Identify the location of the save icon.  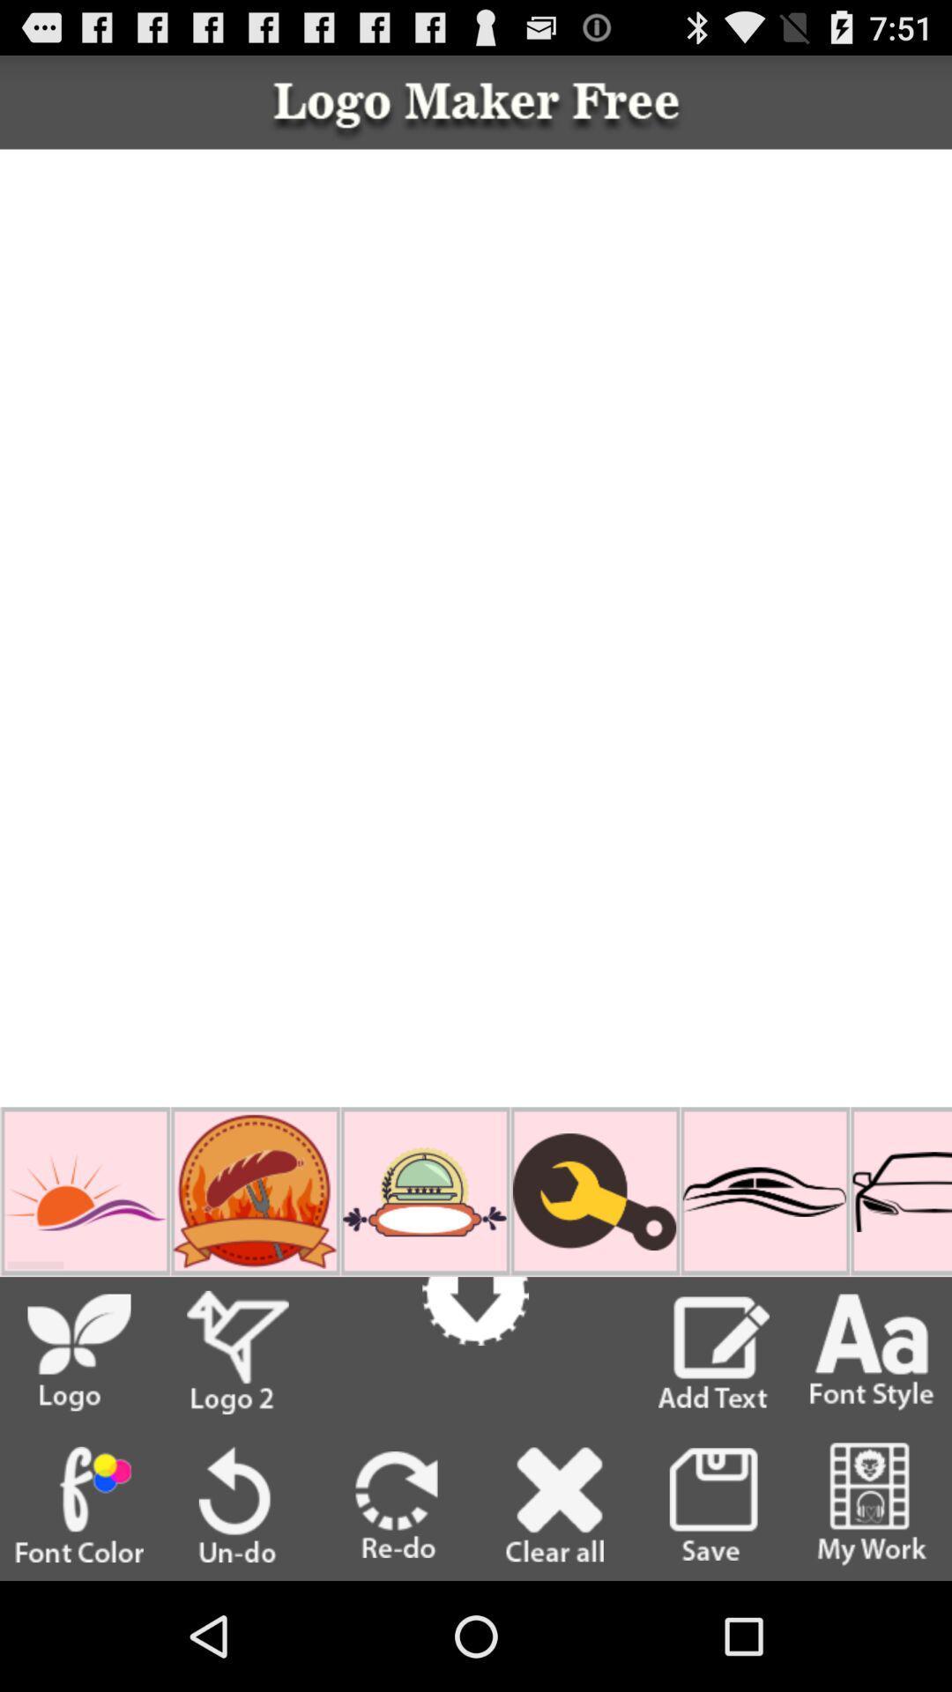
(712, 1609).